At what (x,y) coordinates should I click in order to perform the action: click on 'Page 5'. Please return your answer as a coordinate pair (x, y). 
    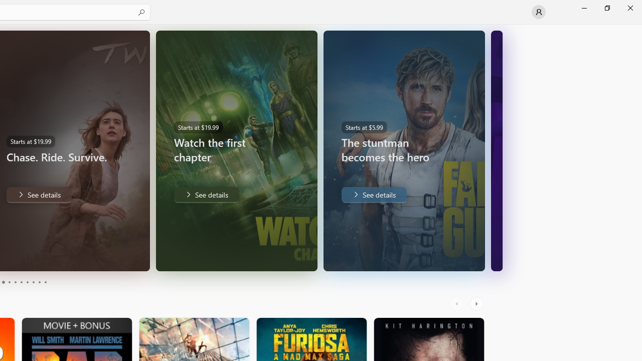
    Looking at the image, I should click on (15, 282).